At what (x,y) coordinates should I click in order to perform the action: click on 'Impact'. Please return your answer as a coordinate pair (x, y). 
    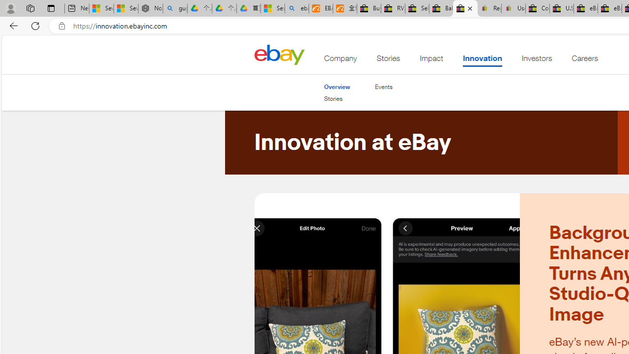
    Looking at the image, I should click on (431, 60).